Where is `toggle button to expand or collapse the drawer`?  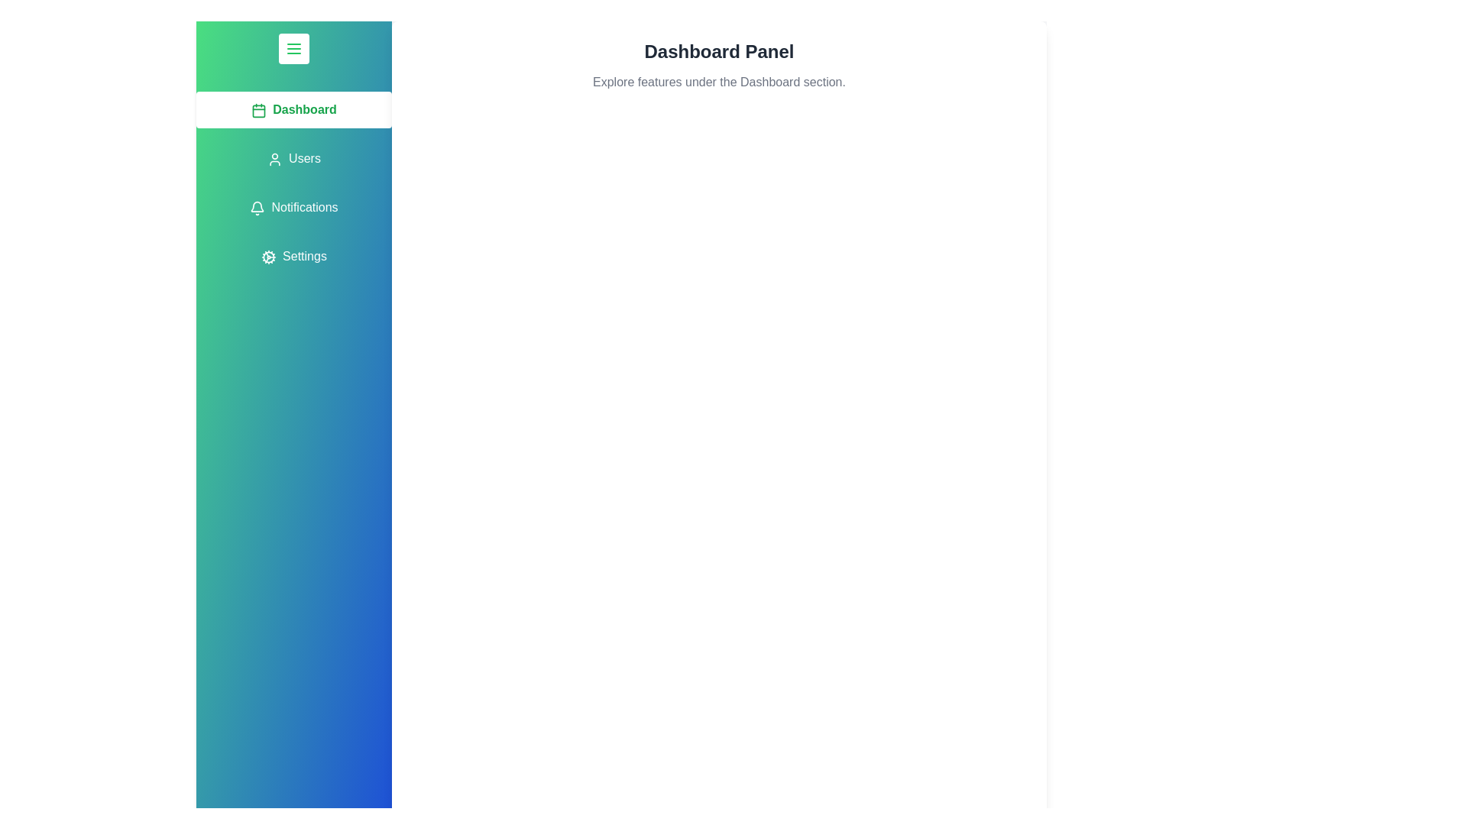 toggle button to expand or collapse the drawer is located at coordinates (293, 48).